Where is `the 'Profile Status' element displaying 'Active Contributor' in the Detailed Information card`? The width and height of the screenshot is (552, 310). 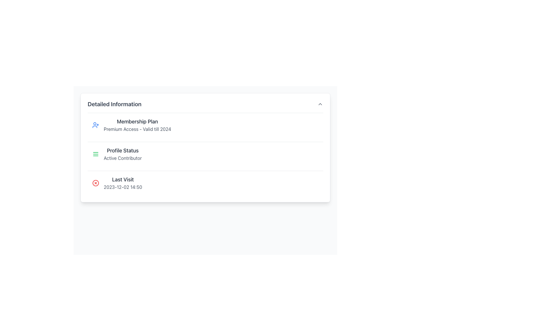
the 'Profile Status' element displaying 'Active Contributor' in the Detailed Information card is located at coordinates (205, 154).